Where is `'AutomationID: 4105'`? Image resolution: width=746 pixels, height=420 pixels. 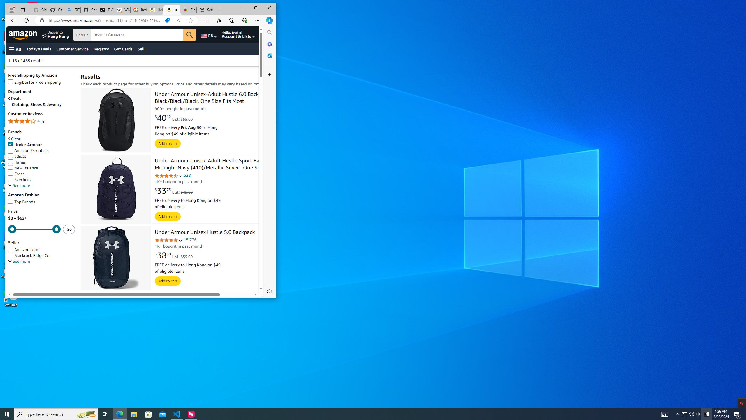
'AutomationID: 4105' is located at coordinates (664, 414).